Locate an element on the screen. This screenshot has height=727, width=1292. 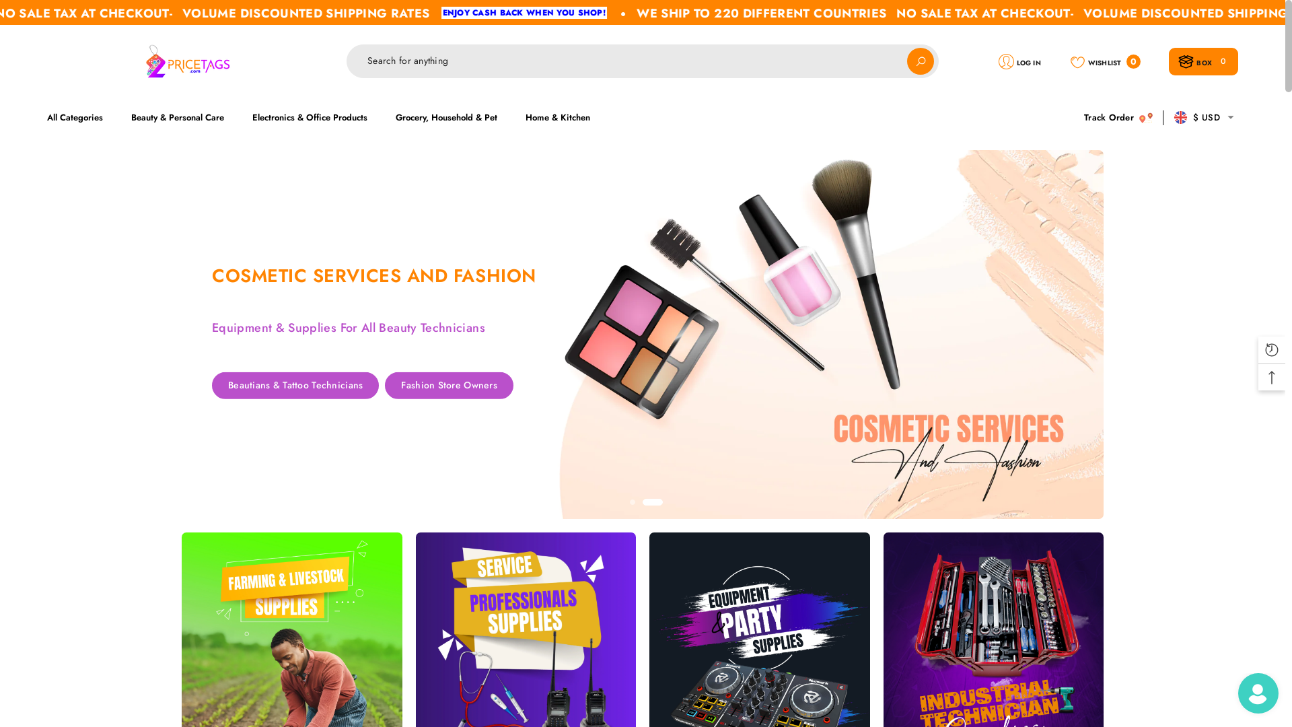
'Track Order' is located at coordinates (1118, 116).